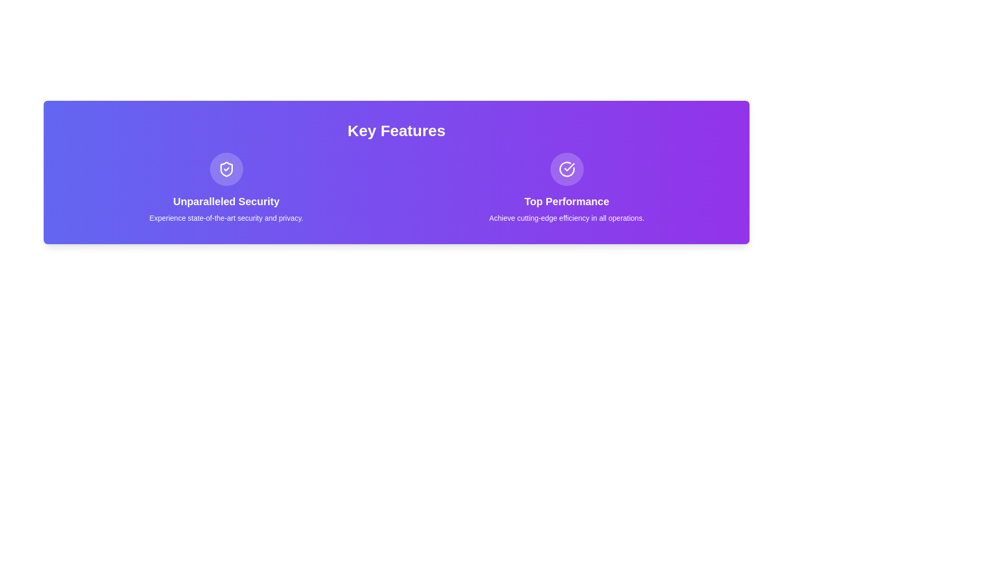  Describe the element at coordinates (566, 169) in the screenshot. I see `the circular checkmark icon located at the top center of the purple 'Top Performance' card` at that location.